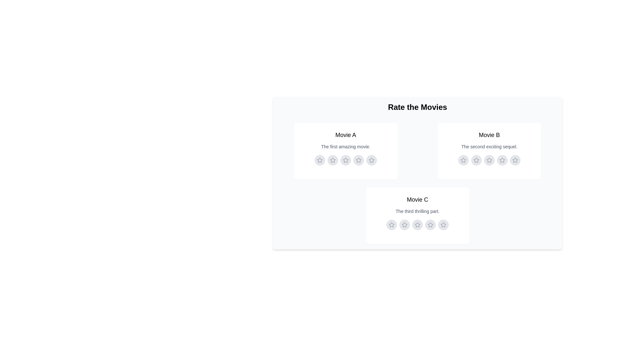  Describe the element at coordinates (391, 224) in the screenshot. I see `the first outlined gray star icon` at that location.